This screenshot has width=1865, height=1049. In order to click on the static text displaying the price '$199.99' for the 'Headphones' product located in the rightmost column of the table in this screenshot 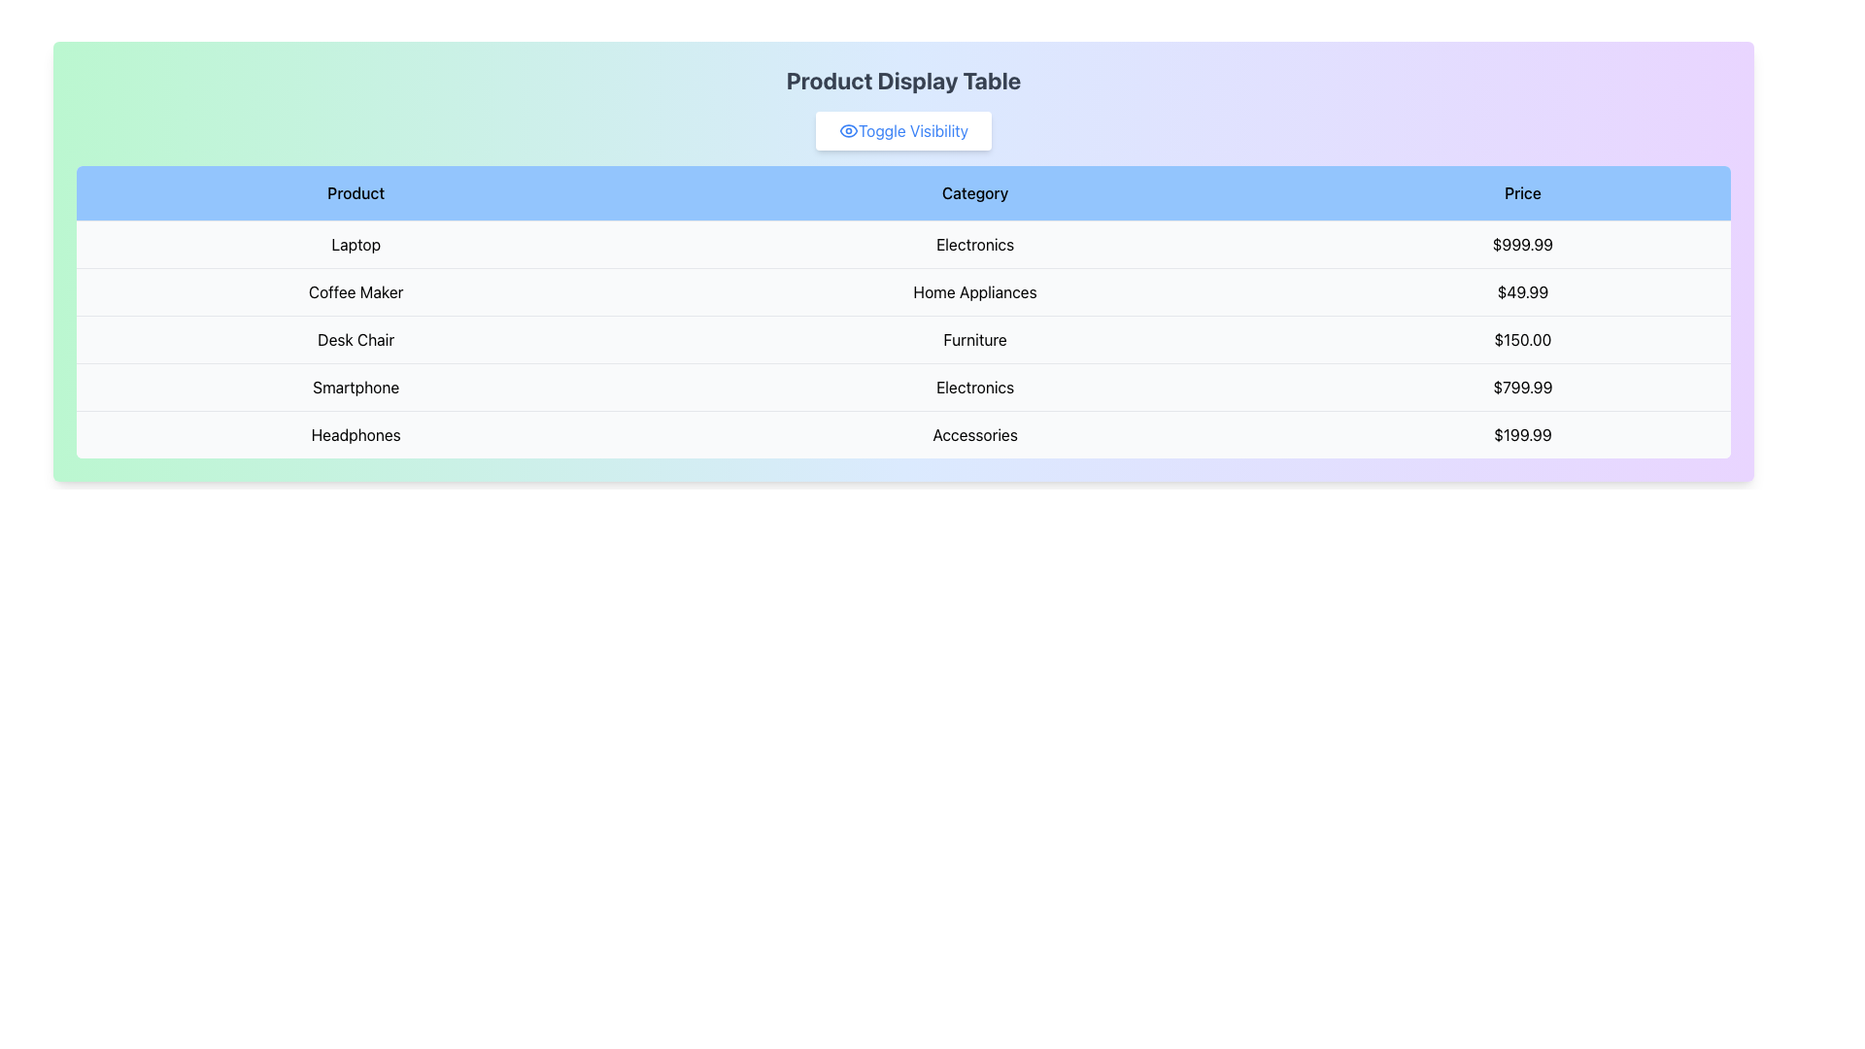, I will do `click(1521, 433)`.